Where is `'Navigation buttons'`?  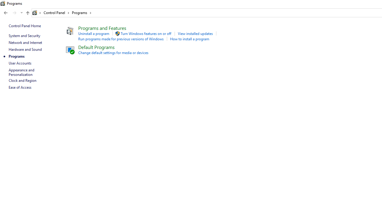 'Navigation buttons' is located at coordinates (13, 13).